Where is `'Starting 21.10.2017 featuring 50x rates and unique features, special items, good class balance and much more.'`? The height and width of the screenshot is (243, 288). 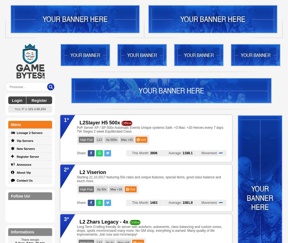
'Starting 21.10.2017 featuring 50x rates and unique features, special items, good class balance and much more.' is located at coordinates (149, 179).